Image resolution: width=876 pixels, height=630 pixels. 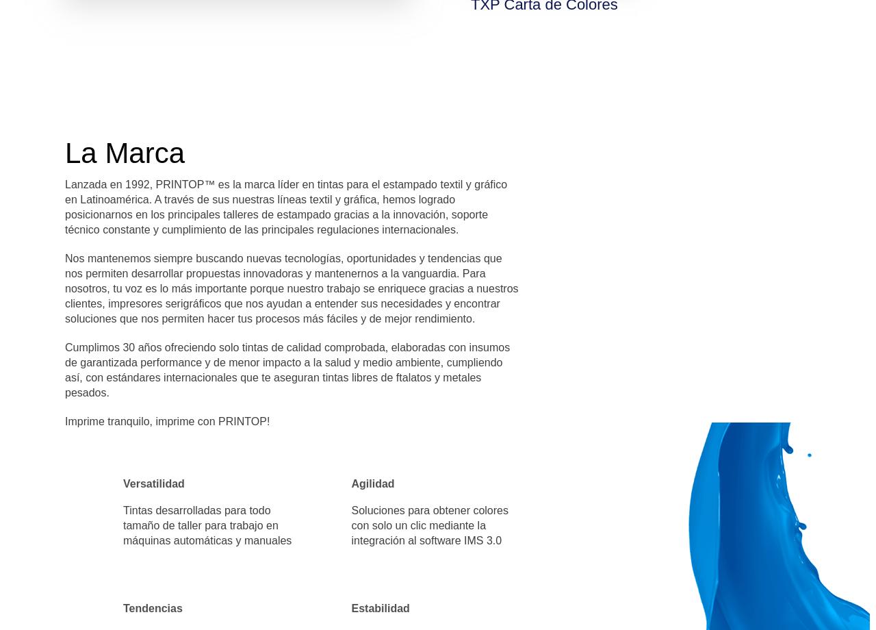 What do you see at coordinates (286, 370) in the screenshot?
I see `'Cumplimos 30 años ofreciendo solo tintas de calidad comprobada, elaboradas con insumos de garantizada performance y de menor impacto a la salud y medio ambiente, cumpliendo así, con estándares internacionales que te aseguran tintas libres de ftalatos y metales pesados.'` at bounding box center [286, 370].